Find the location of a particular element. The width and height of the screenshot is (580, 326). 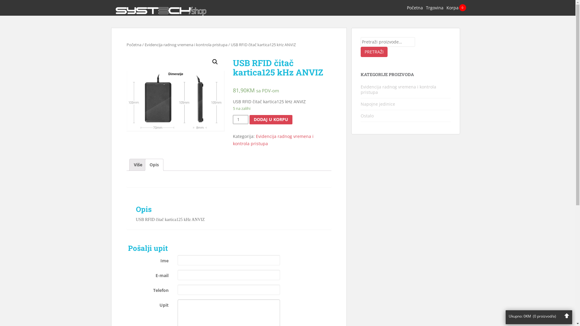

'Evidencija radnog vremena i kontrola pristupa' is located at coordinates (273, 140).